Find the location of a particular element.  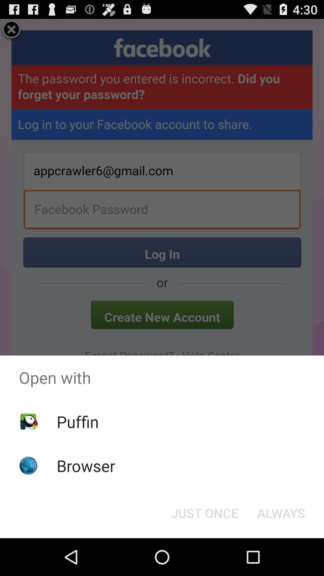

the button to the right of just once icon is located at coordinates (281, 512).